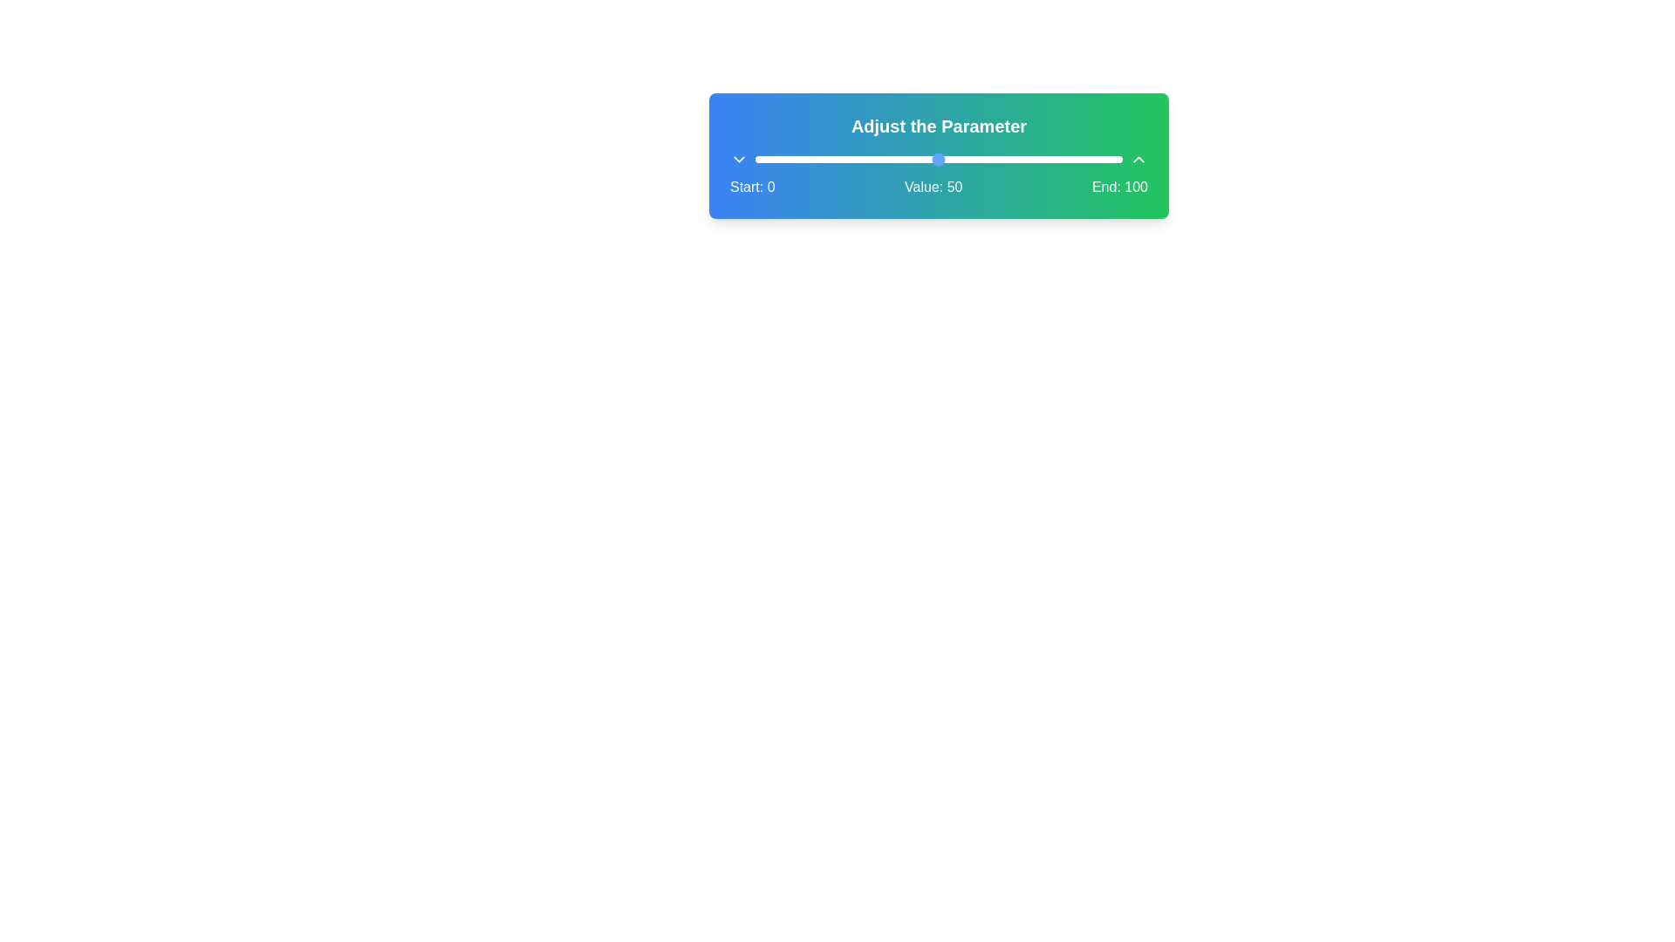 The width and height of the screenshot is (1675, 942). What do you see at coordinates (817, 159) in the screenshot?
I see `the slider value` at bounding box center [817, 159].